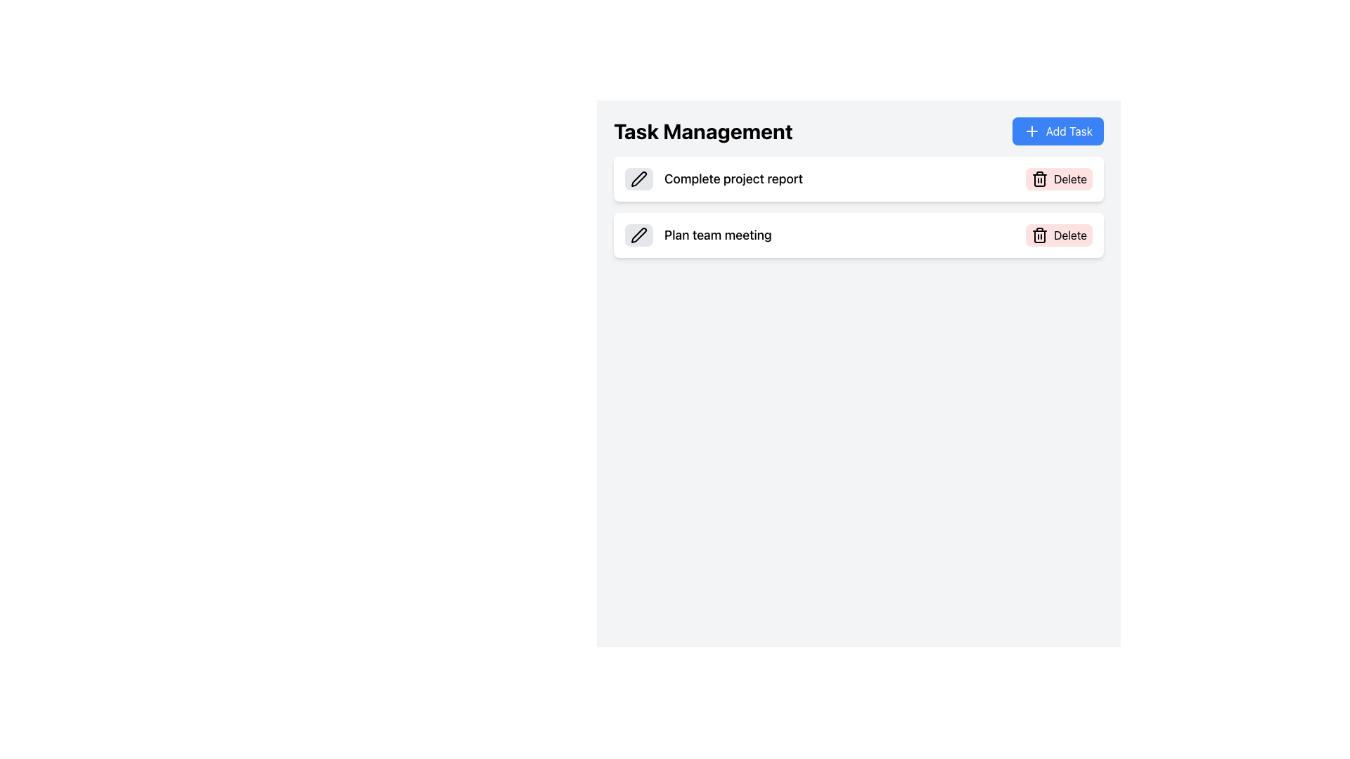  Describe the element at coordinates (1040, 178) in the screenshot. I see `the leftmost icon of the 'Delete' button` at that location.